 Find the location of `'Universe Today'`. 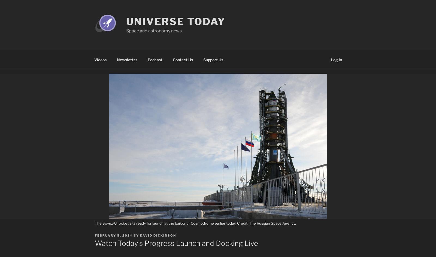

'Universe Today' is located at coordinates (176, 21).